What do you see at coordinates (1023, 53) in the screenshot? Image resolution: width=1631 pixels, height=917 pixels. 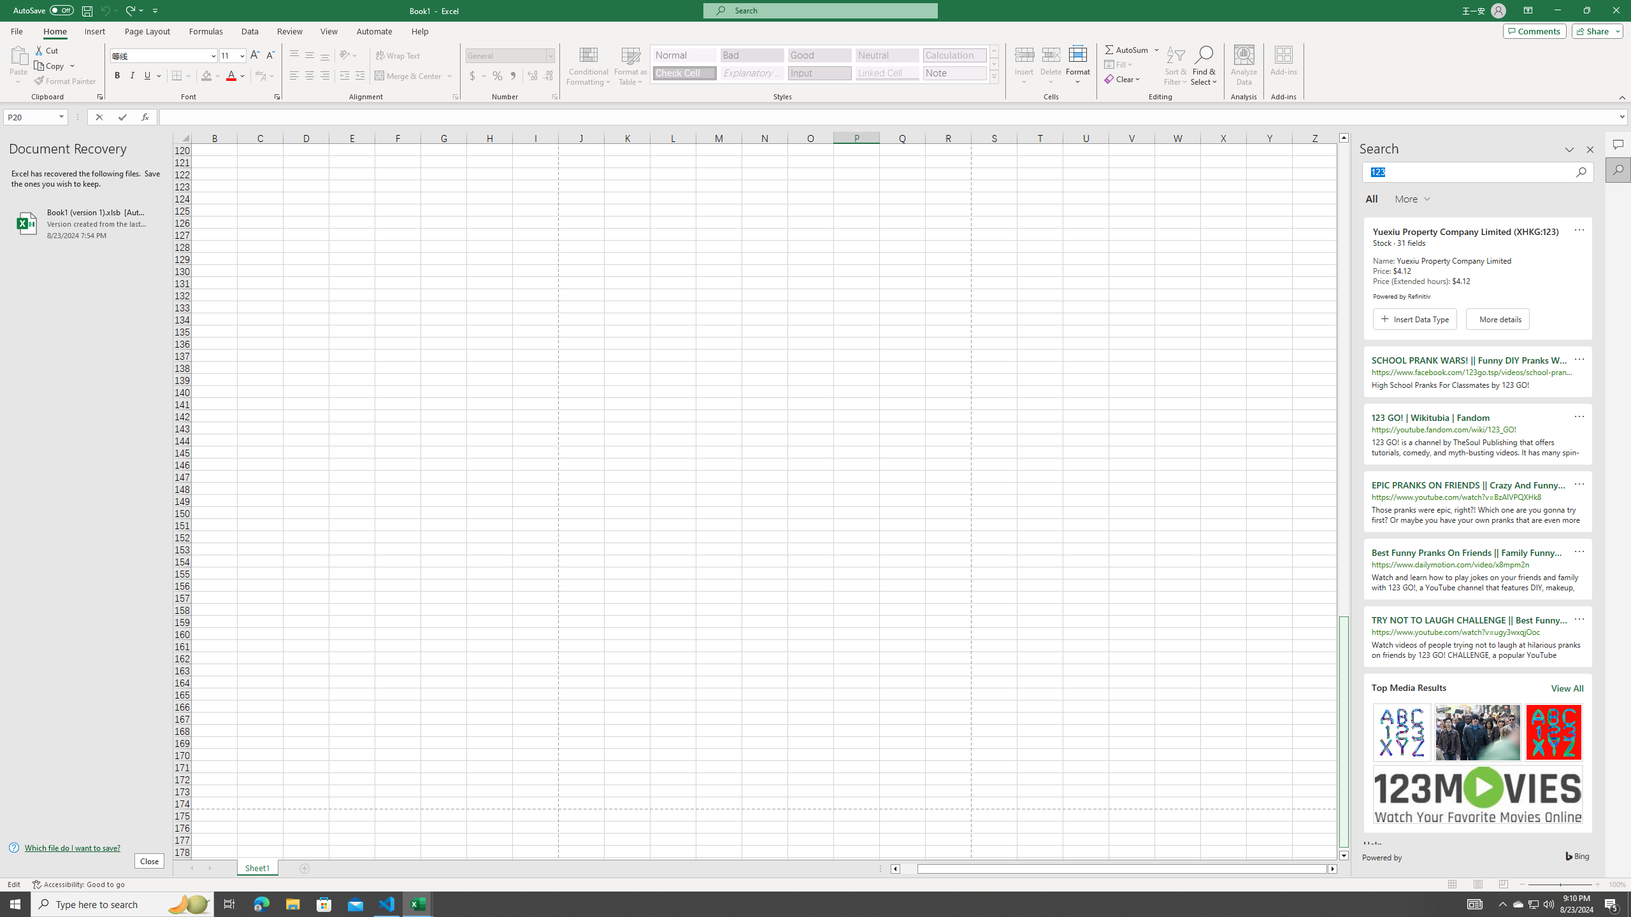 I see `'Insert Cells'` at bounding box center [1023, 53].